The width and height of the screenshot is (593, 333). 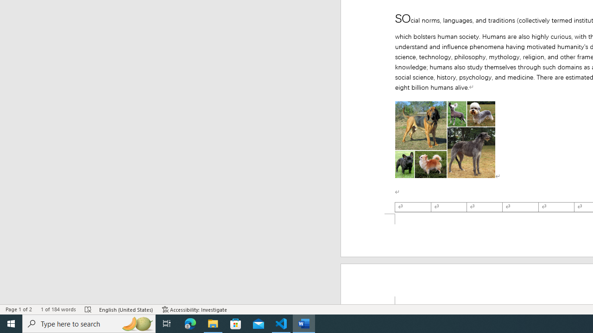 I want to click on 'Morphological variation in six dogs', so click(x=445, y=140).